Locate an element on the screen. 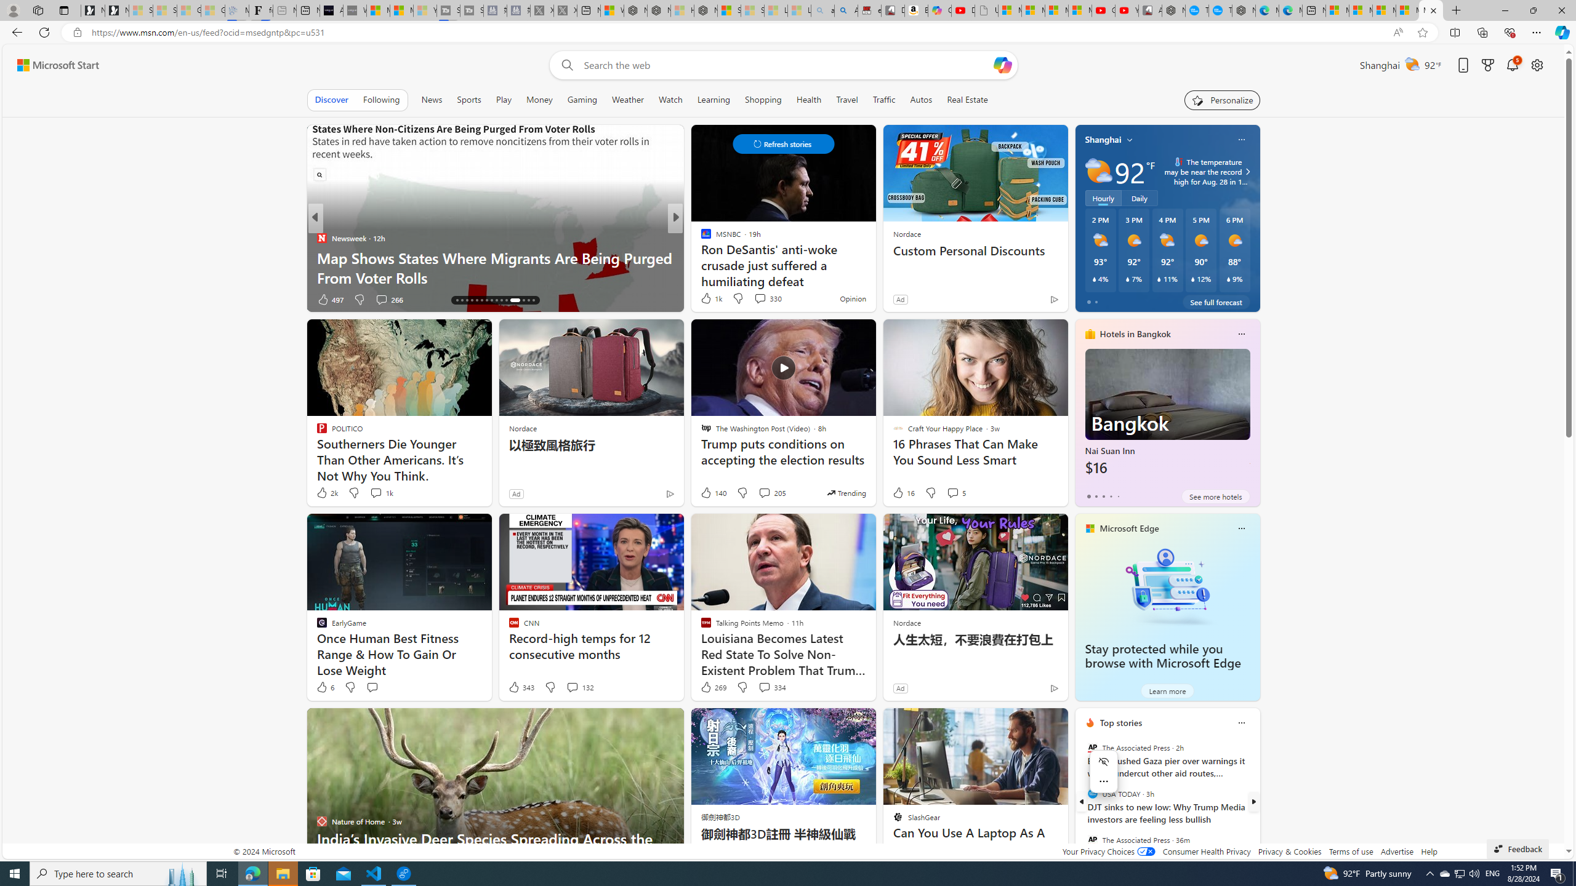  'Hide this story' is located at coordinates (1031, 723).